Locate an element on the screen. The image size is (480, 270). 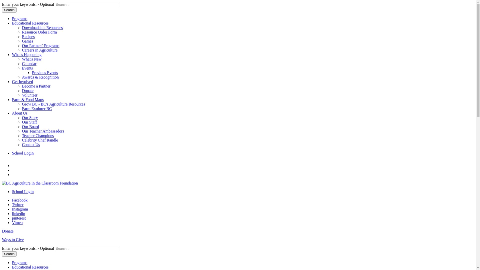
'Resource Order Form' is located at coordinates (21, 32).